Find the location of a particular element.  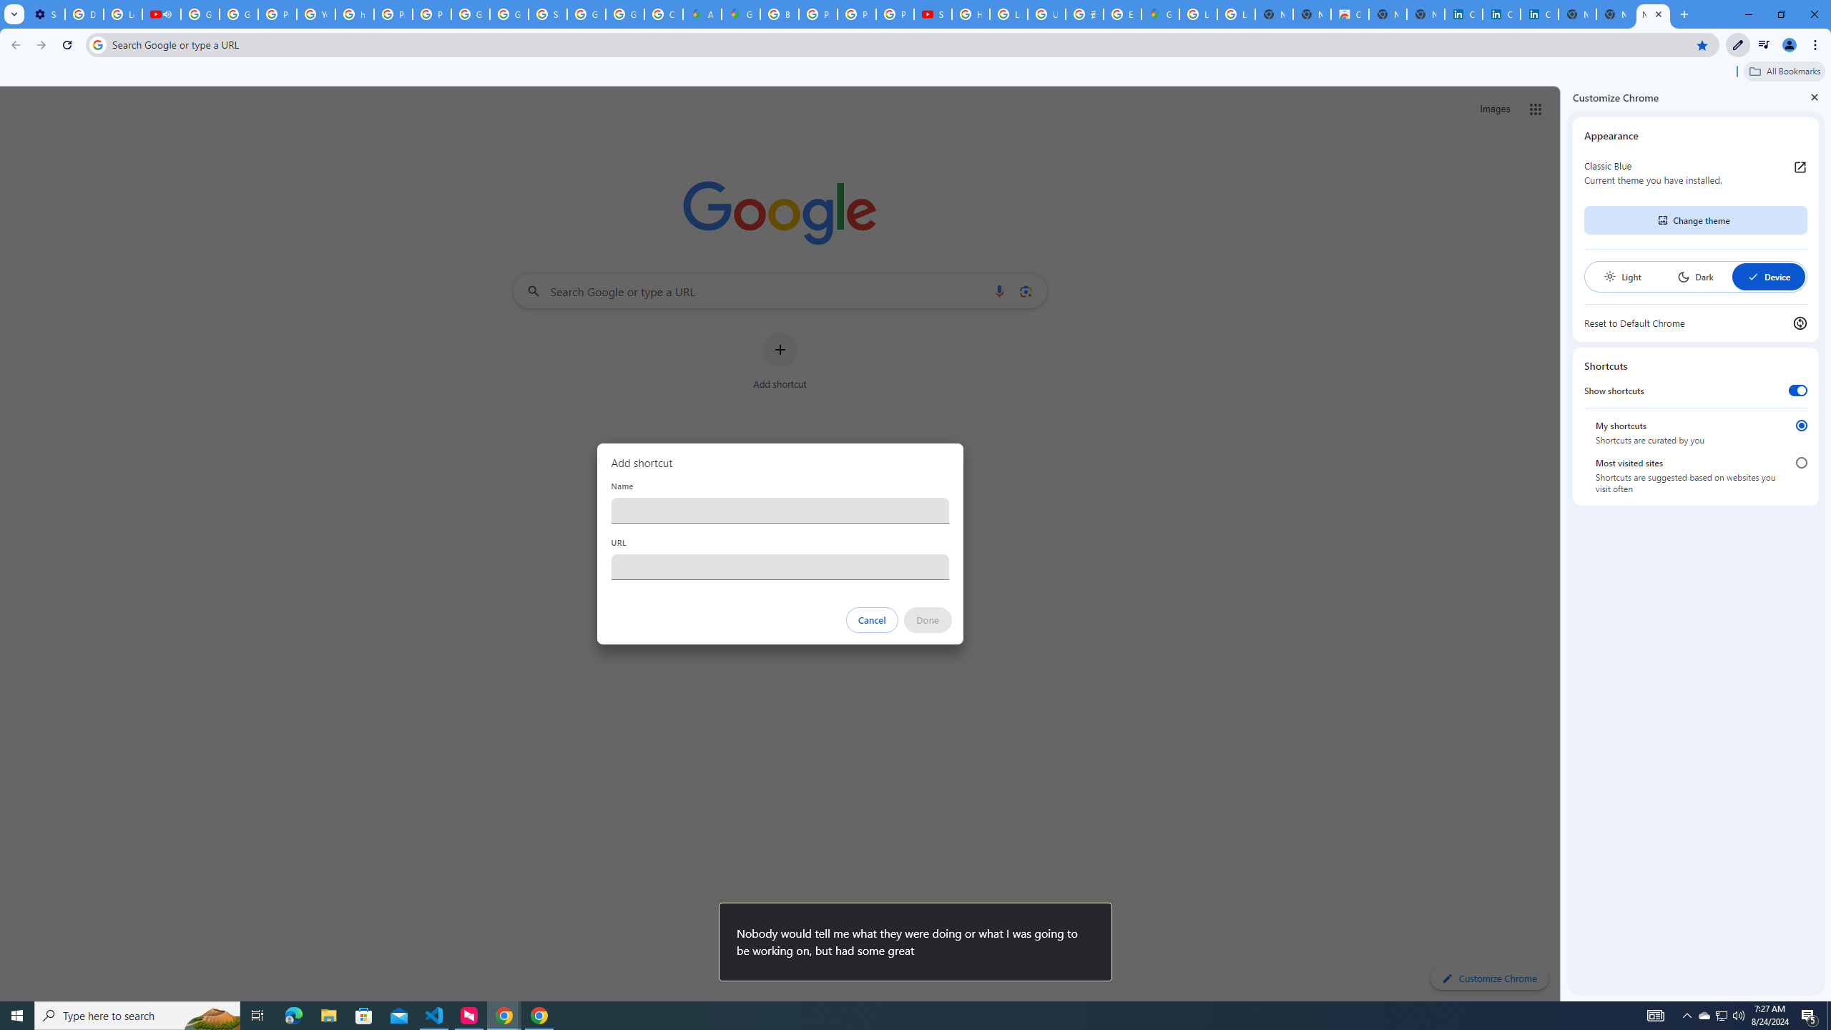

'Google Maps' is located at coordinates (1160, 14).